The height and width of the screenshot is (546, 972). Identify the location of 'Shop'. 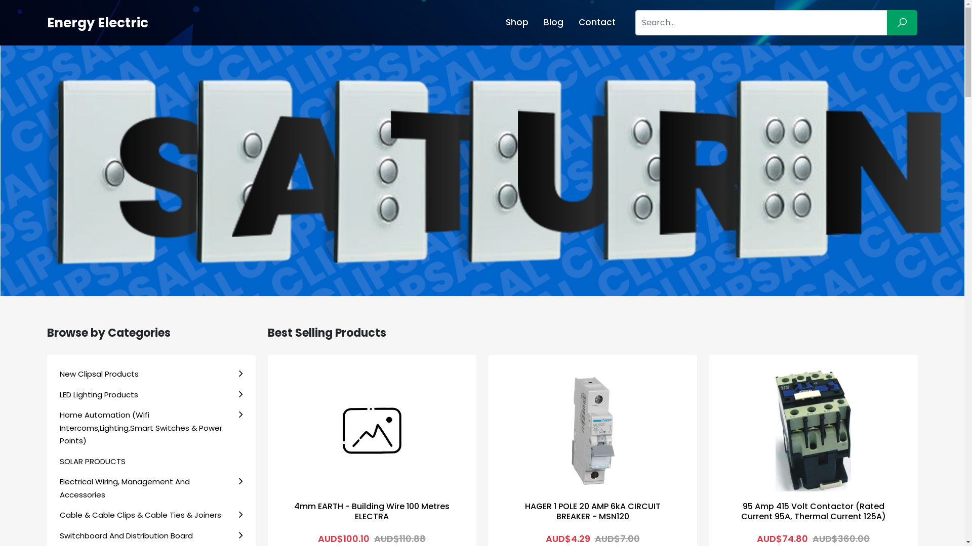
(517, 22).